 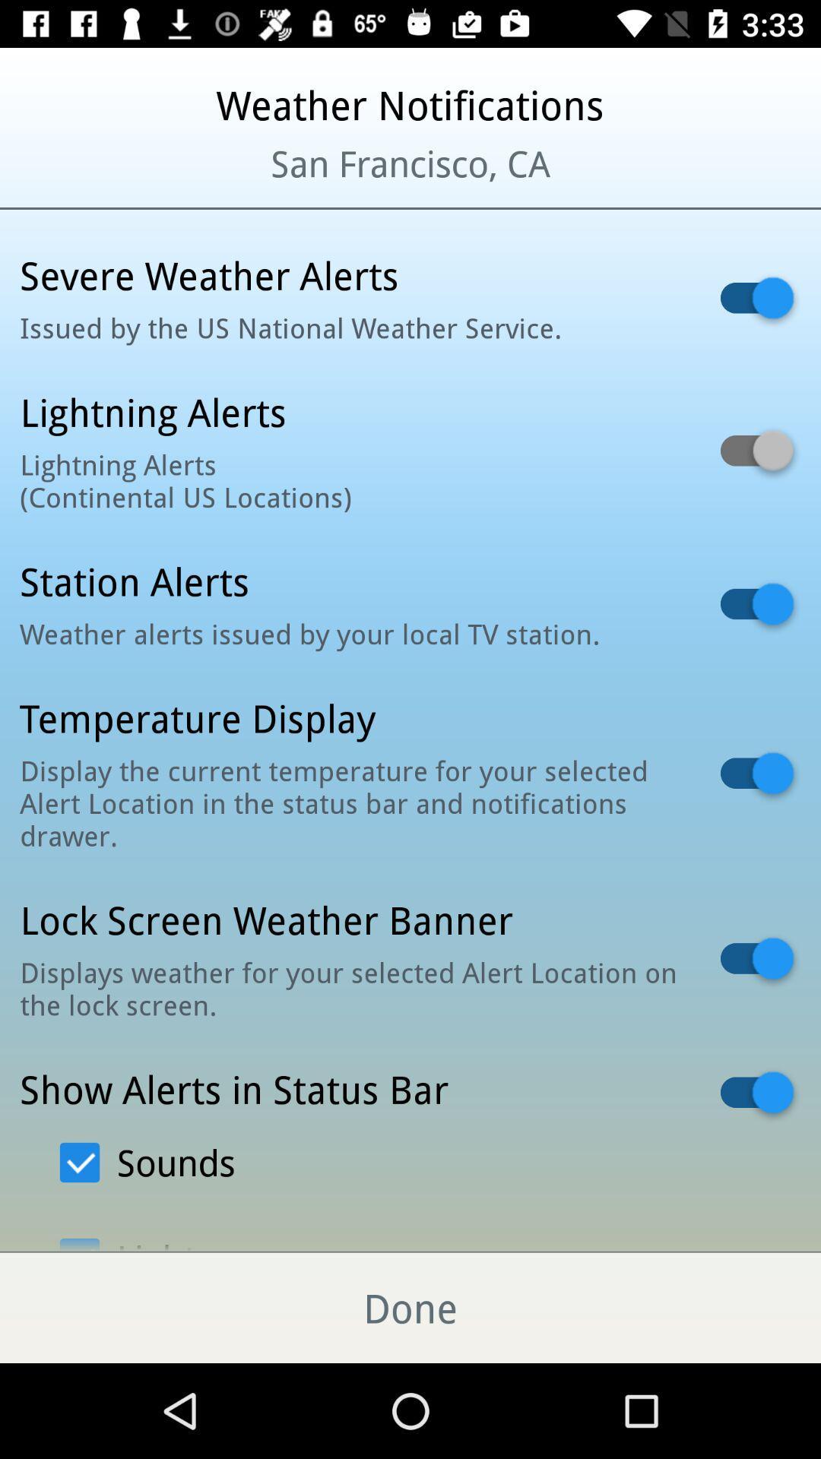 I want to click on displays weather for icon, so click(x=350, y=988).